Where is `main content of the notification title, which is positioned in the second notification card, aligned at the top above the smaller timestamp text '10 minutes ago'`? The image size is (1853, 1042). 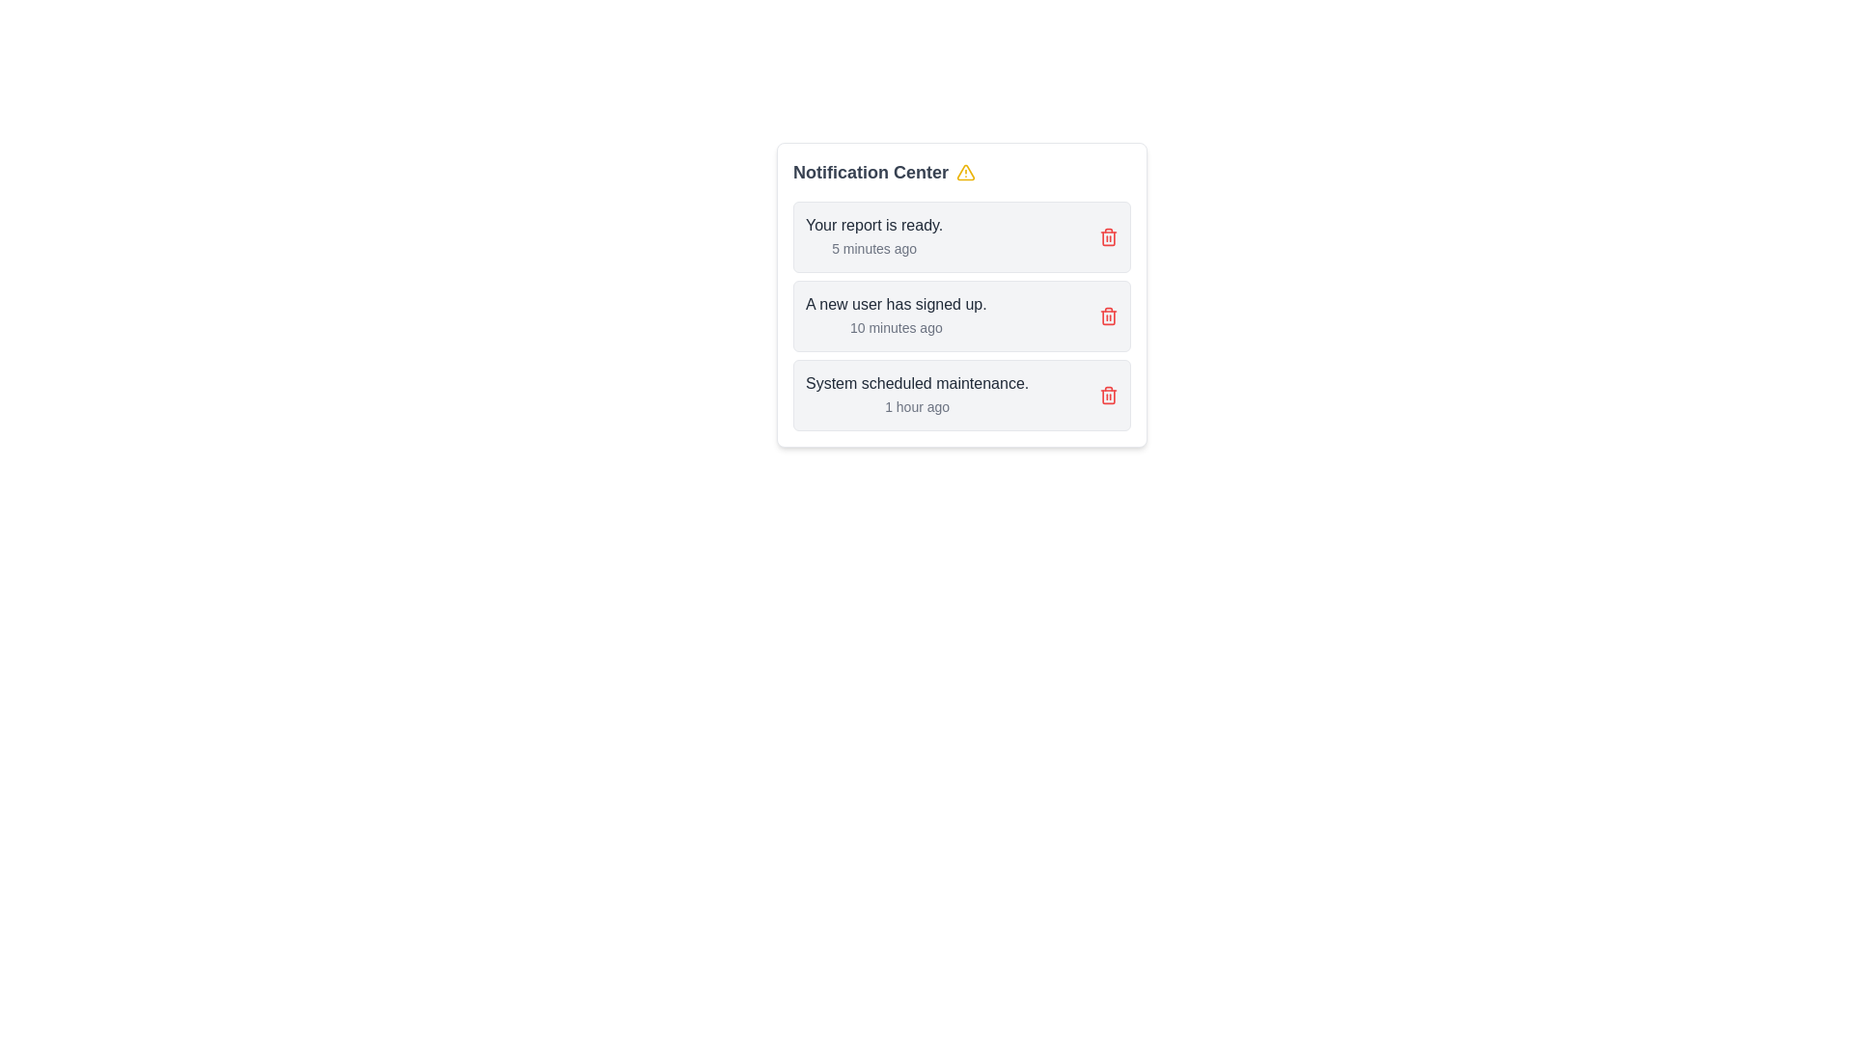 main content of the notification title, which is positioned in the second notification card, aligned at the top above the smaller timestamp text '10 minutes ago' is located at coordinates (895, 304).